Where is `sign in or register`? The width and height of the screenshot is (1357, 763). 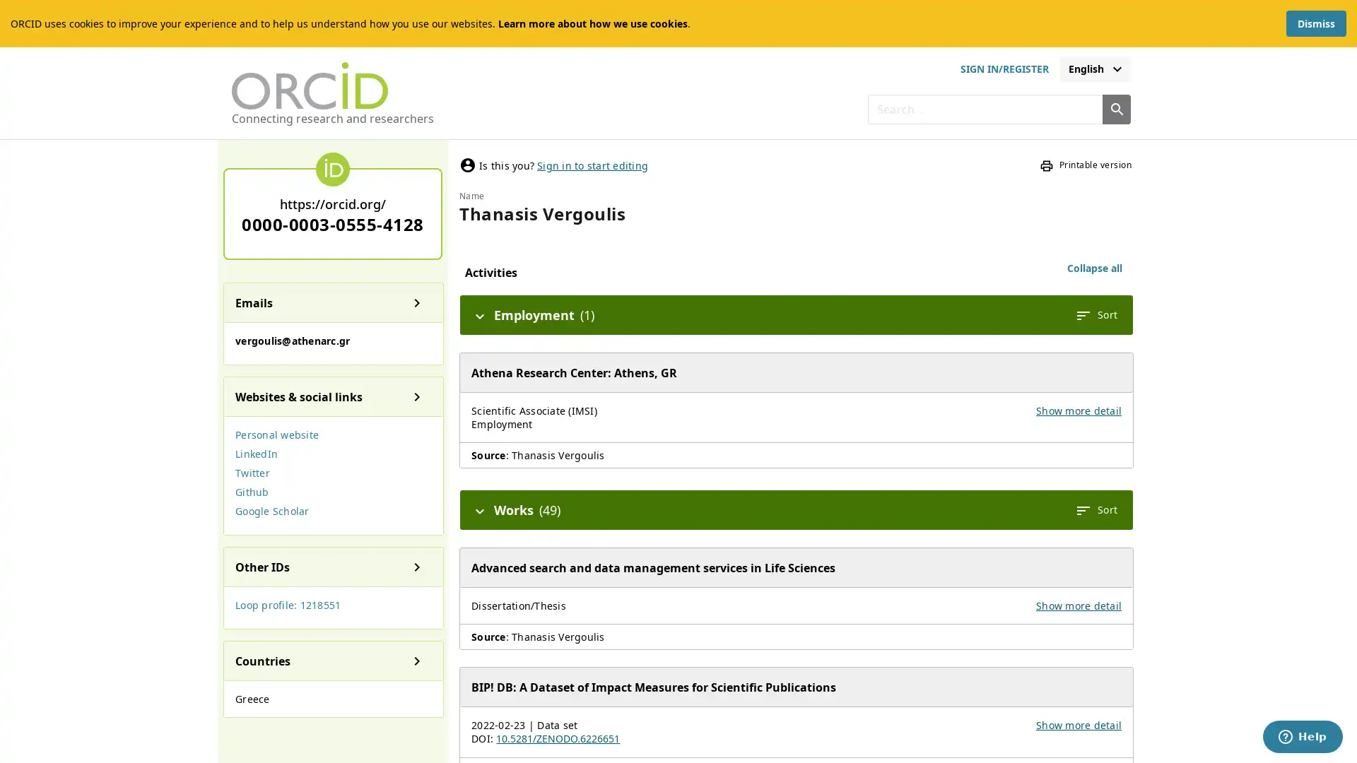 sign in or register is located at coordinates (1003, 69).